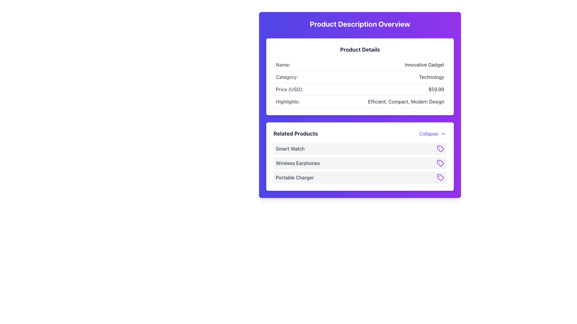  Describe the element at coordinates (433, 133) in the screenshot. I see `the 'Collapse' button in the top-right corner of the 'Related Products' section, which is styled in indigo and has an upward-facing chevron icon next to the text` at that location.